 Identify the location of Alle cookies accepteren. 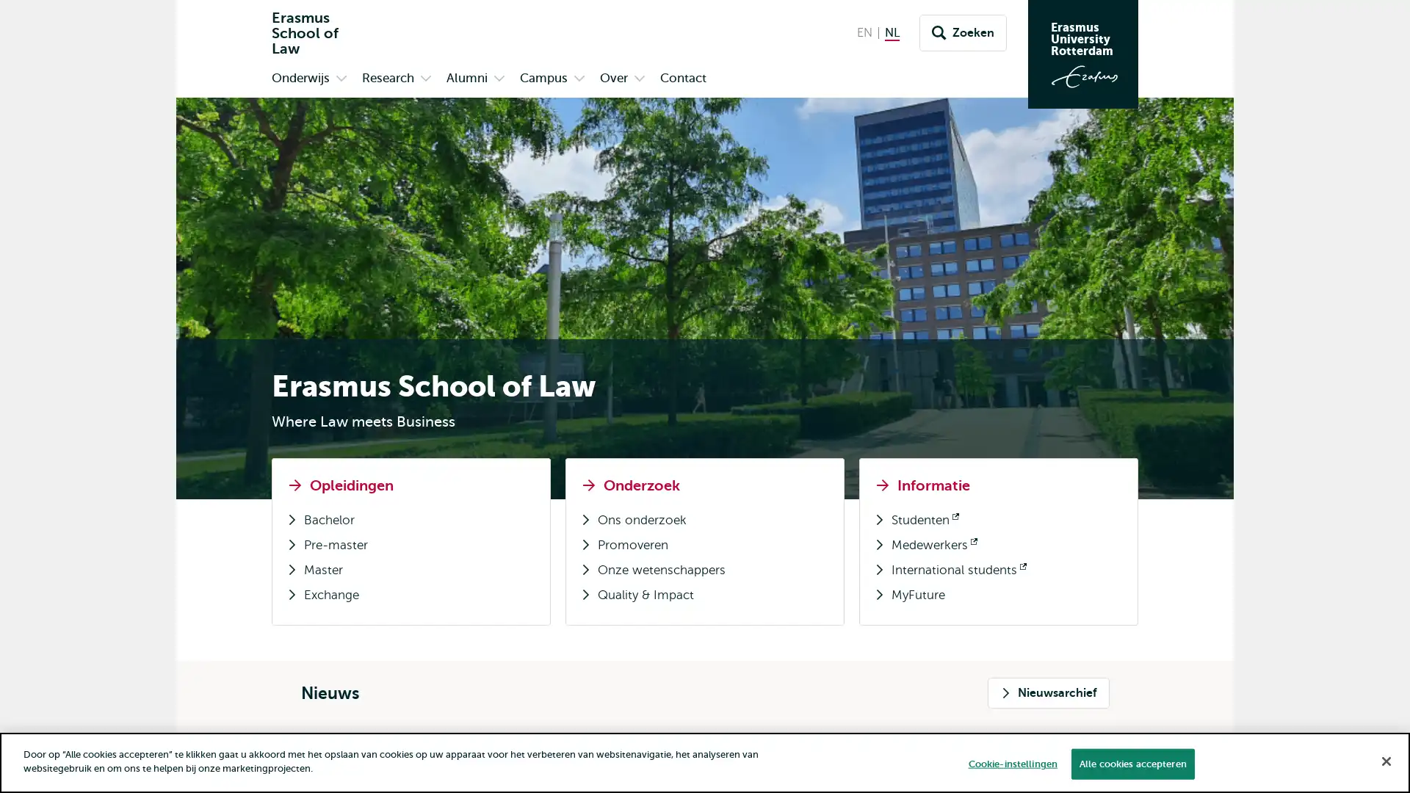
(1131, 763).